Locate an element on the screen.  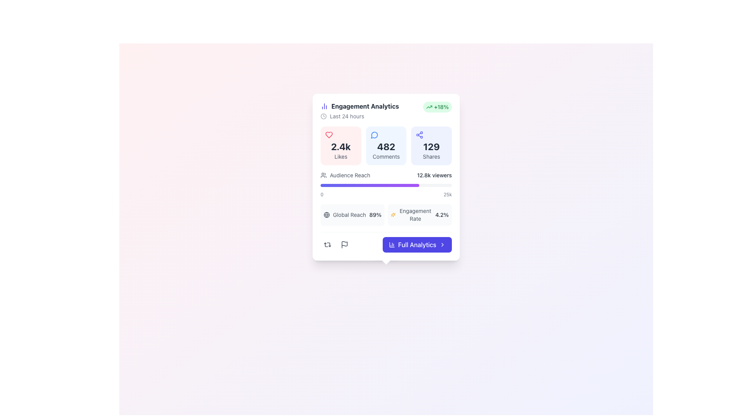
the text label that provides context for the number '129' in the Engagement Analytics section, located below the bold '129' text is located at coordinates (431, 157).